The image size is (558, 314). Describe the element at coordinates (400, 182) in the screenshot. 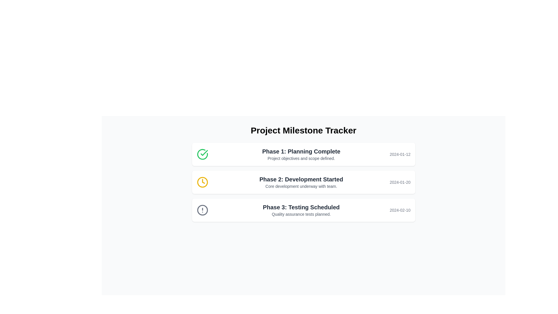

I see `date displayed in the static text label for 'Phase 2: Development Started', which is the third date in the right column of the milestone tracker` at that location.